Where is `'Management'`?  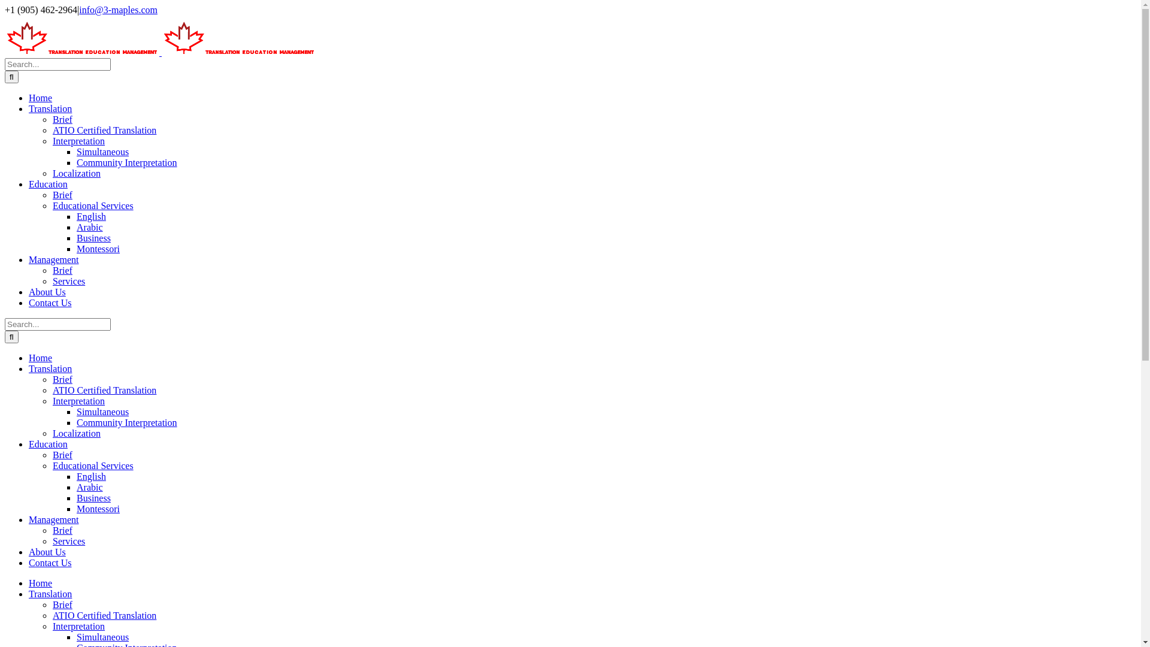
'Management' is located at coordinates (53, 259).